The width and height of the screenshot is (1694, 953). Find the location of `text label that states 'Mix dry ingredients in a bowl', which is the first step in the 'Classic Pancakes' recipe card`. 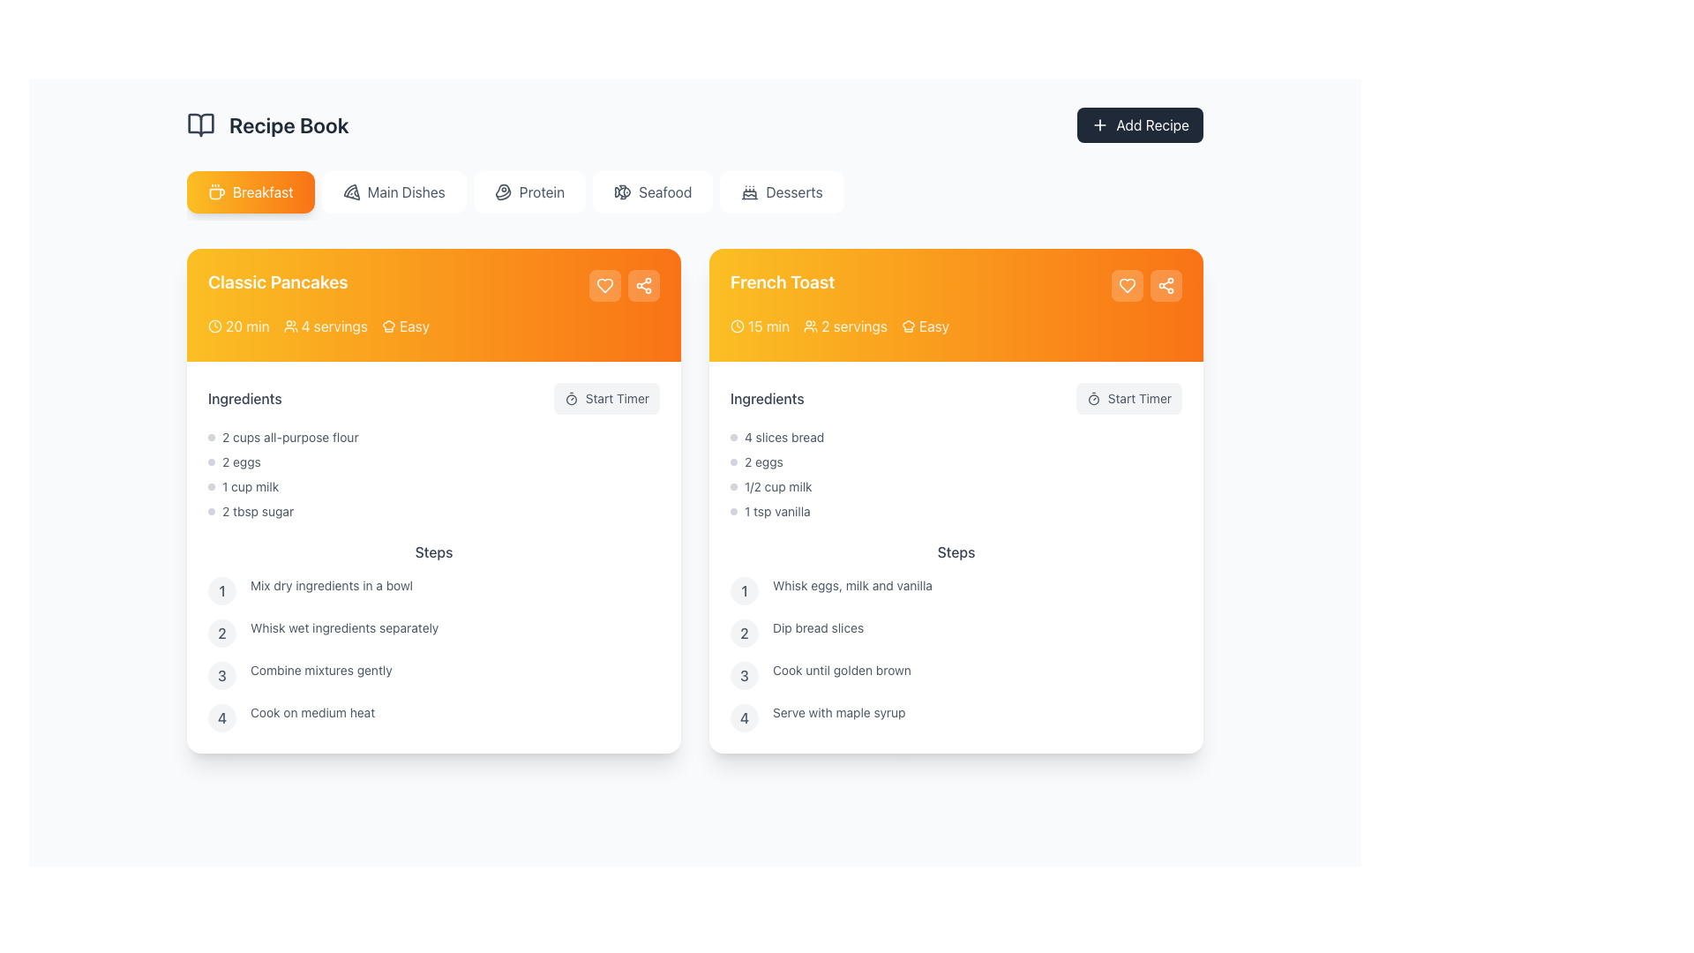

text label that states 'Mix dry ingredients in a bowl', which is the first step in the 'Classic Pancakes' recipe card is located at coordinates (332, 591).